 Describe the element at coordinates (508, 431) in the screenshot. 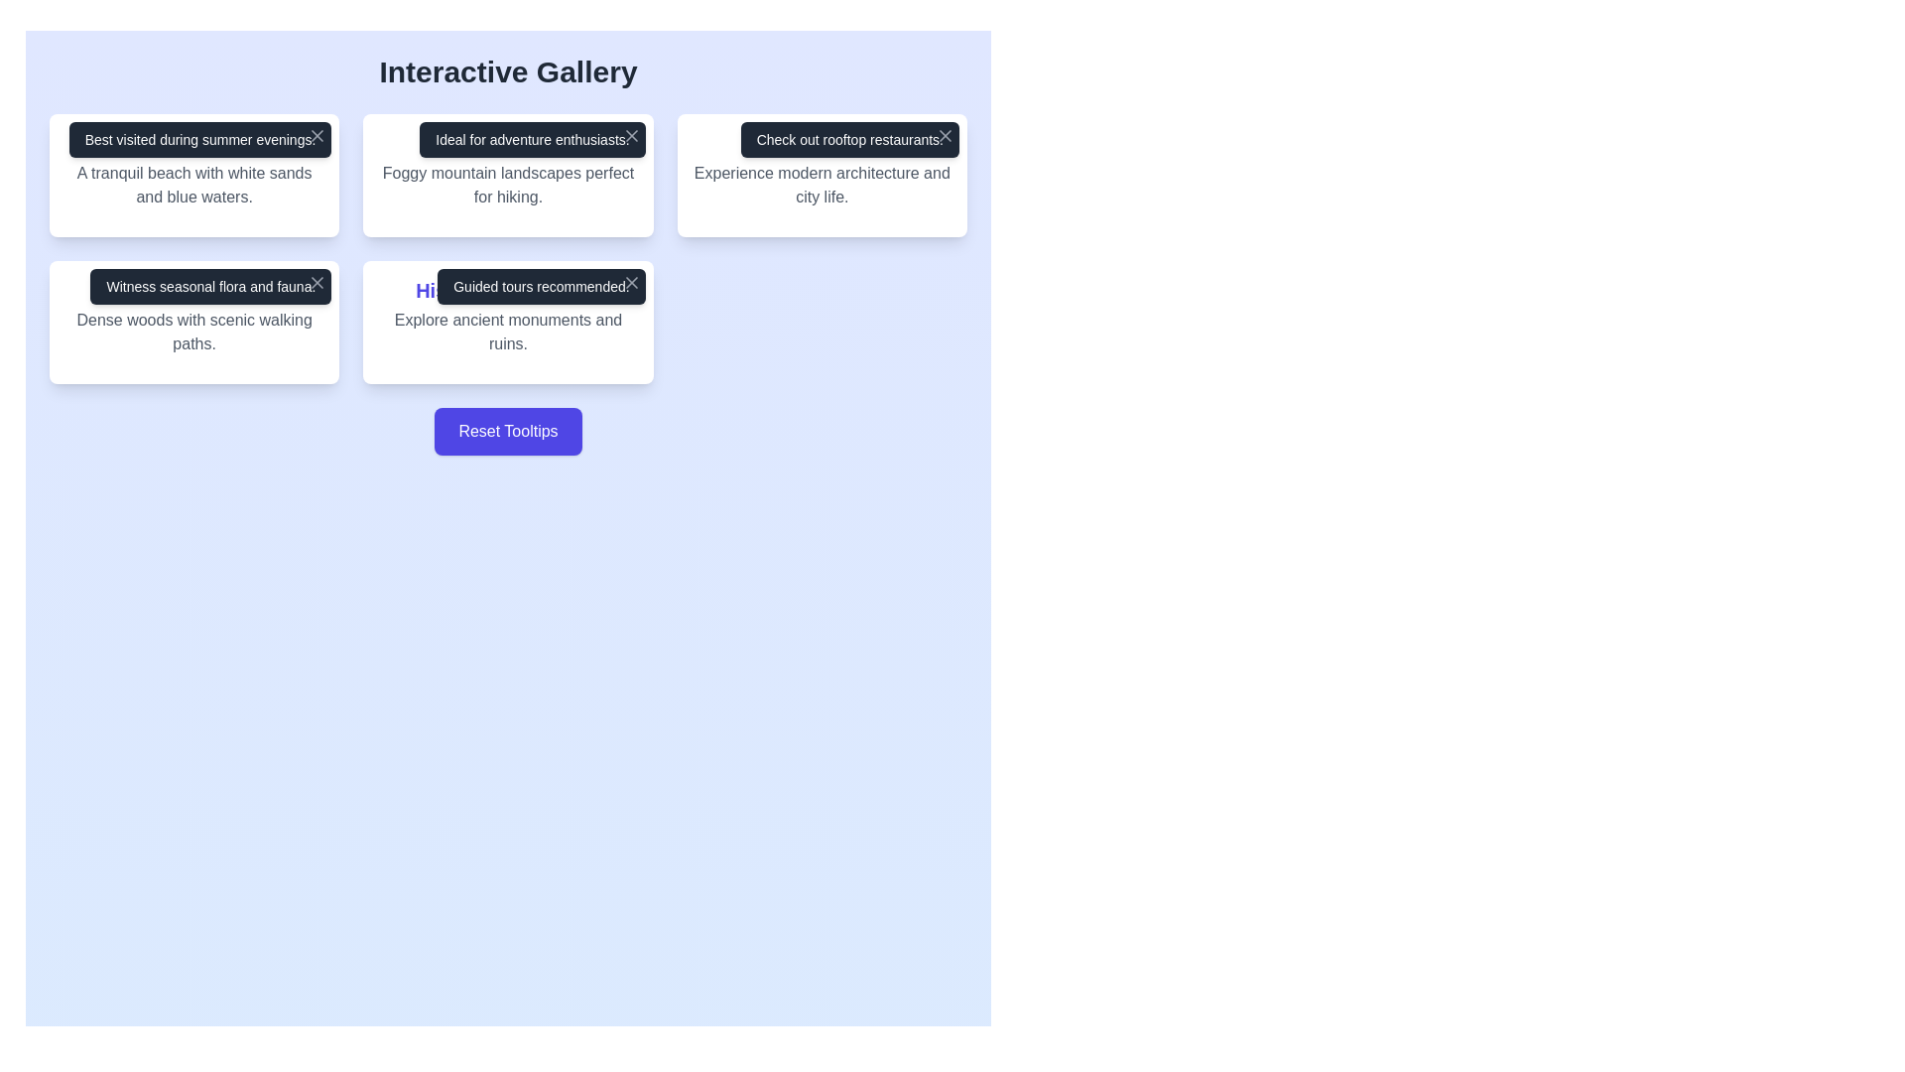

I see `the reset button located at the bottom of the gallery interface to observe the hover style changes` at that location.